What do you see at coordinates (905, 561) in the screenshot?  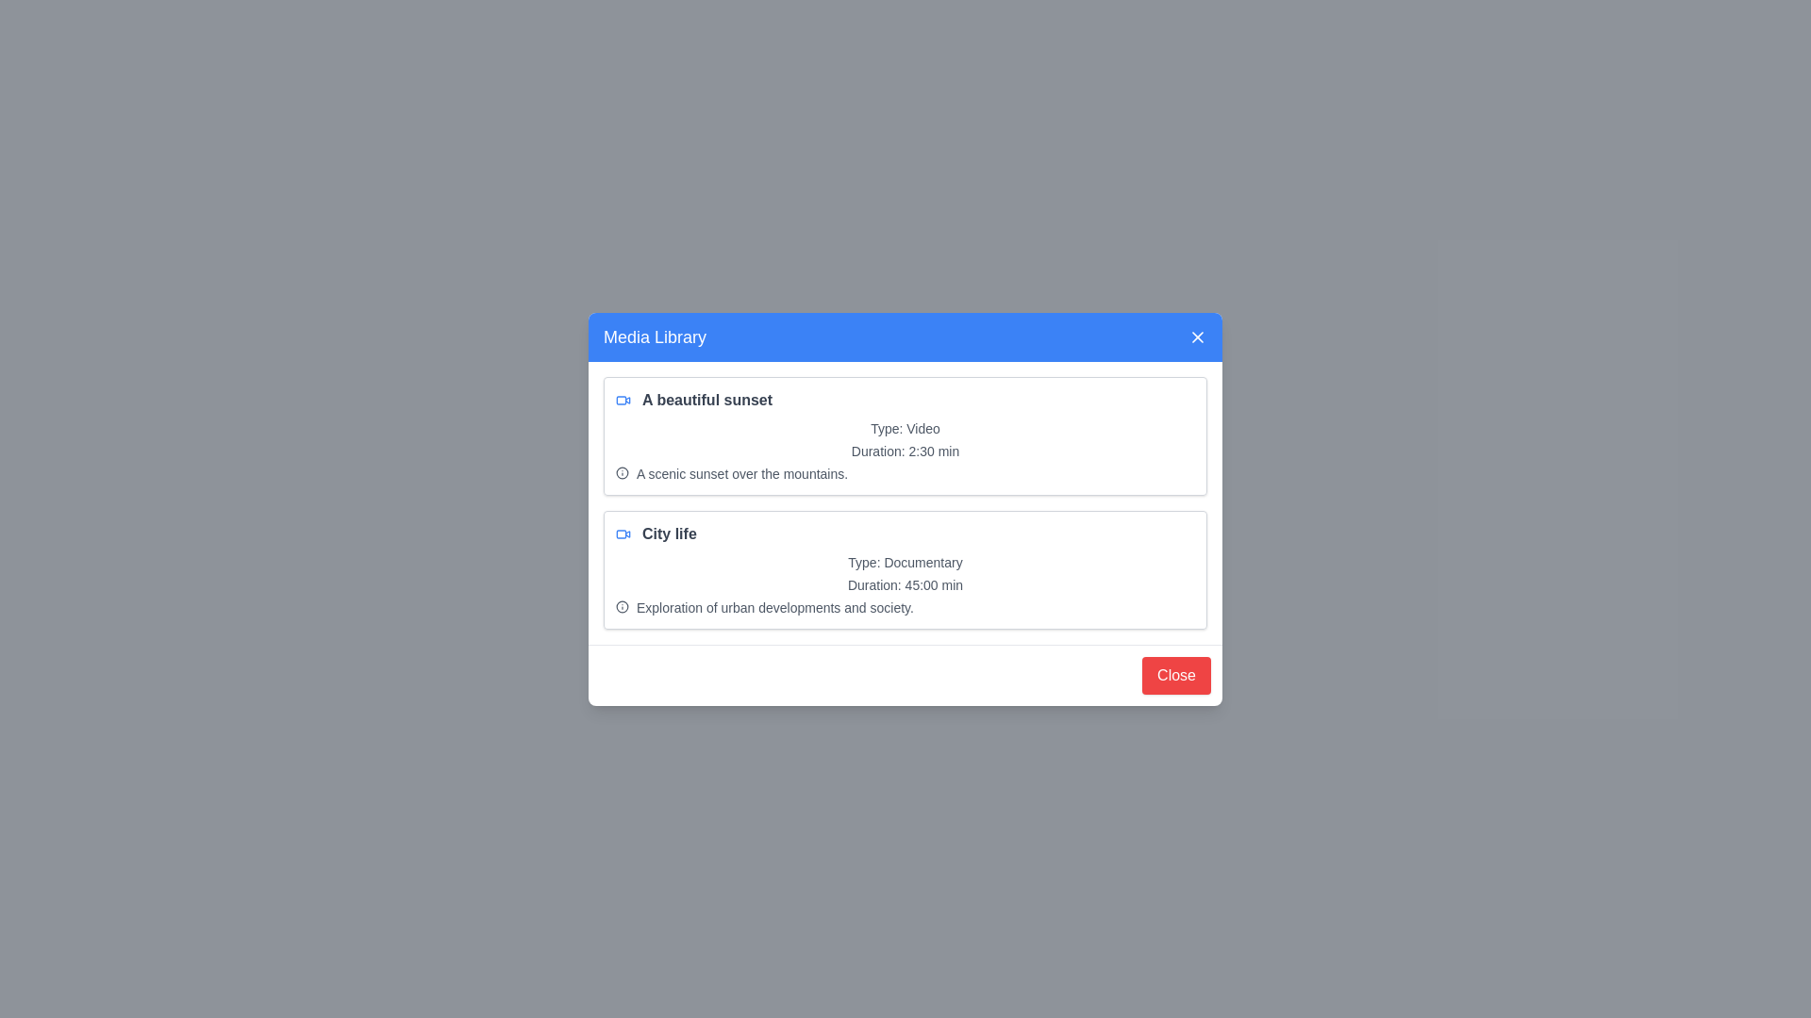 I see `the static text label that displays the media type 'Documentary' for the item 'City life', which is positioned above the 'Duration: 45:00 min' line in the dialog box` at bounding box center [905, 561].